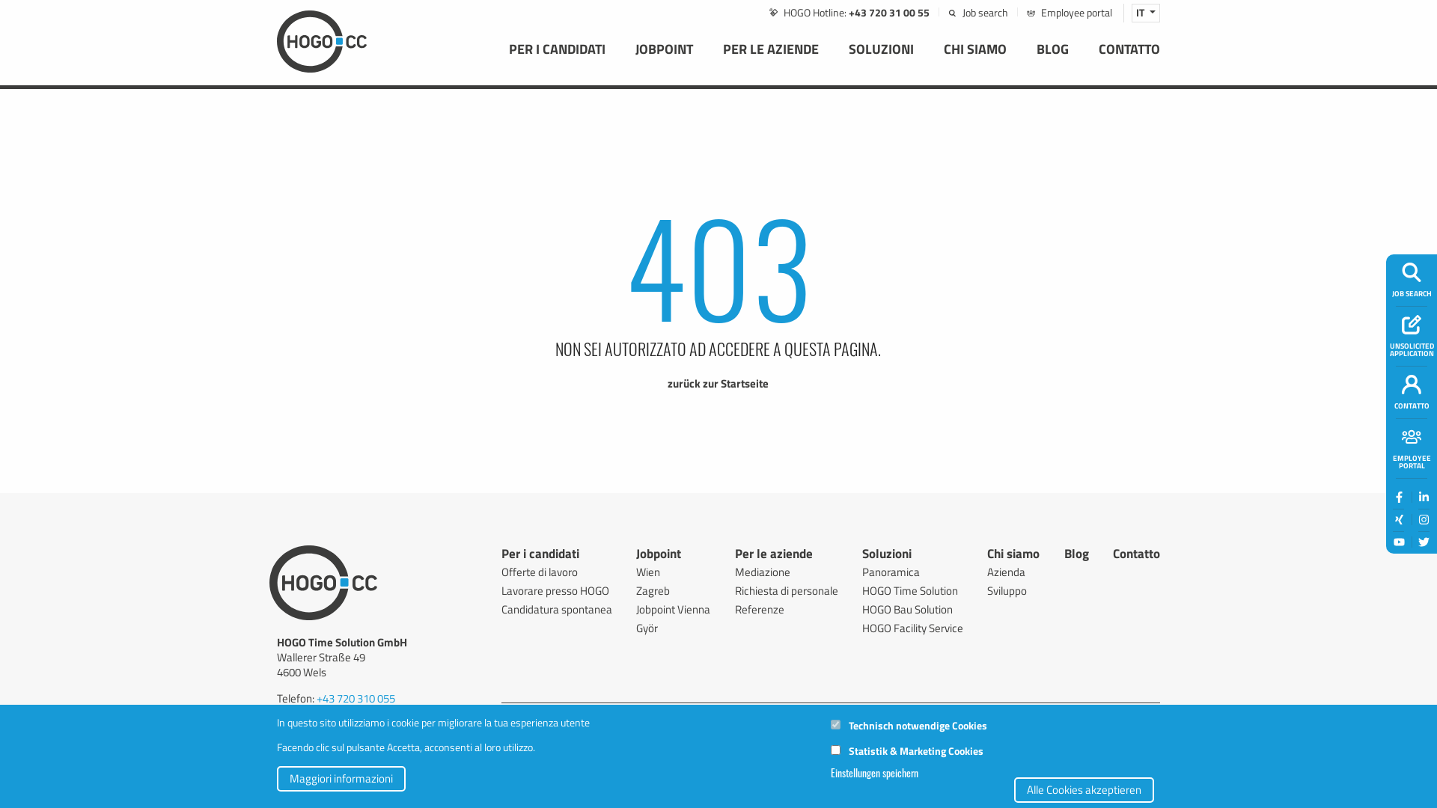 The height and width of the screenshot is (808, 1437). What do you see at coordinates (672, 572) in the screenshot?
I see `'Wien'` at bounding box center [672, 572].